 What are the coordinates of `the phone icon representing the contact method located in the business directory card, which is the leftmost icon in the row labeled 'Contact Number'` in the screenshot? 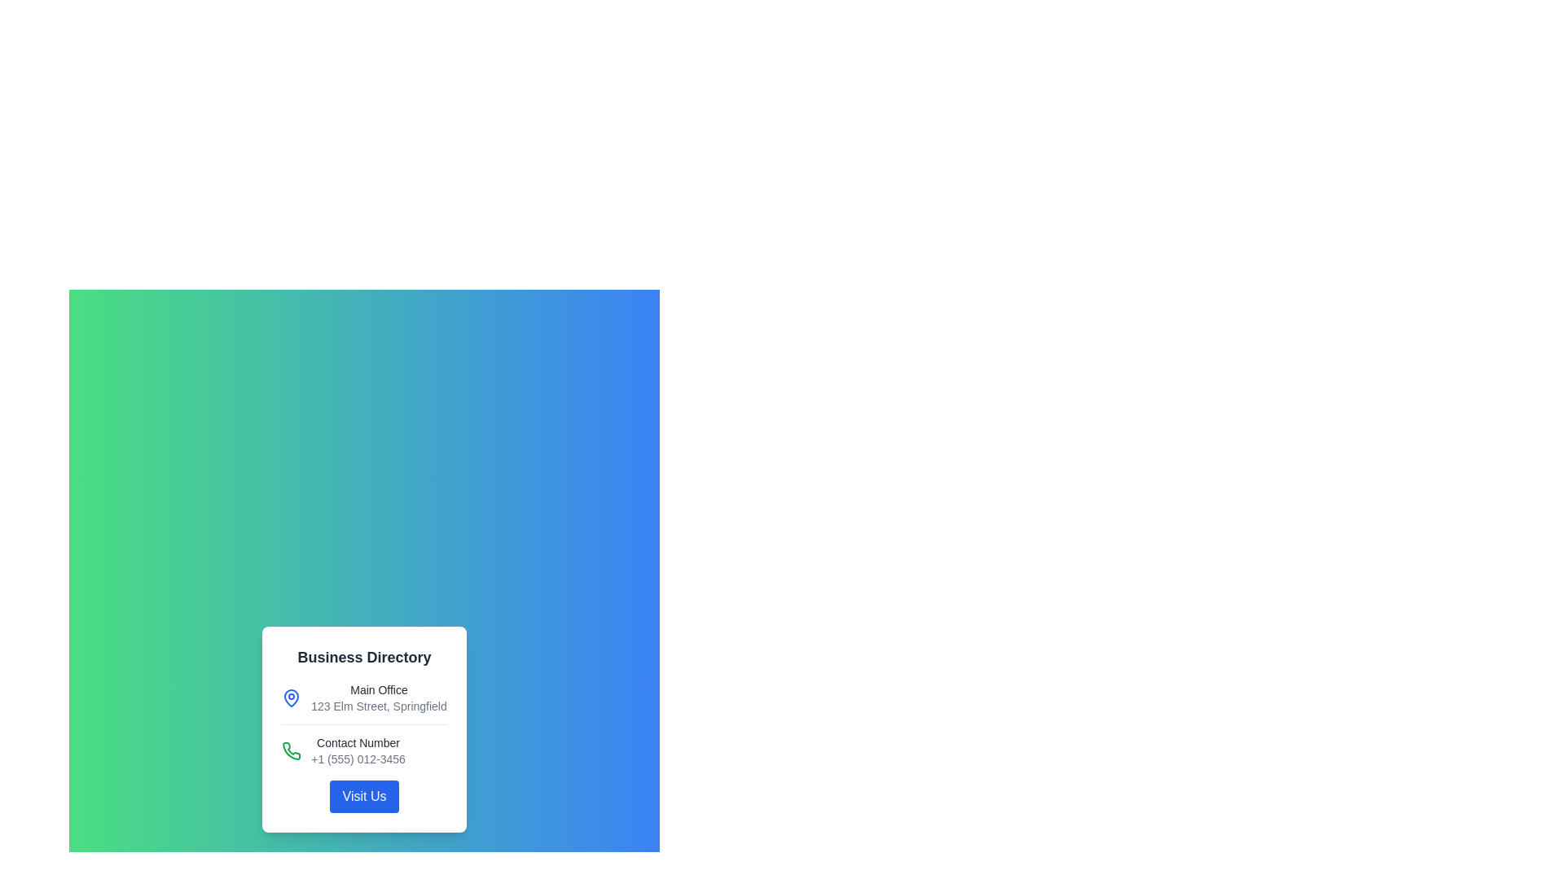 It's located at (292, 750).